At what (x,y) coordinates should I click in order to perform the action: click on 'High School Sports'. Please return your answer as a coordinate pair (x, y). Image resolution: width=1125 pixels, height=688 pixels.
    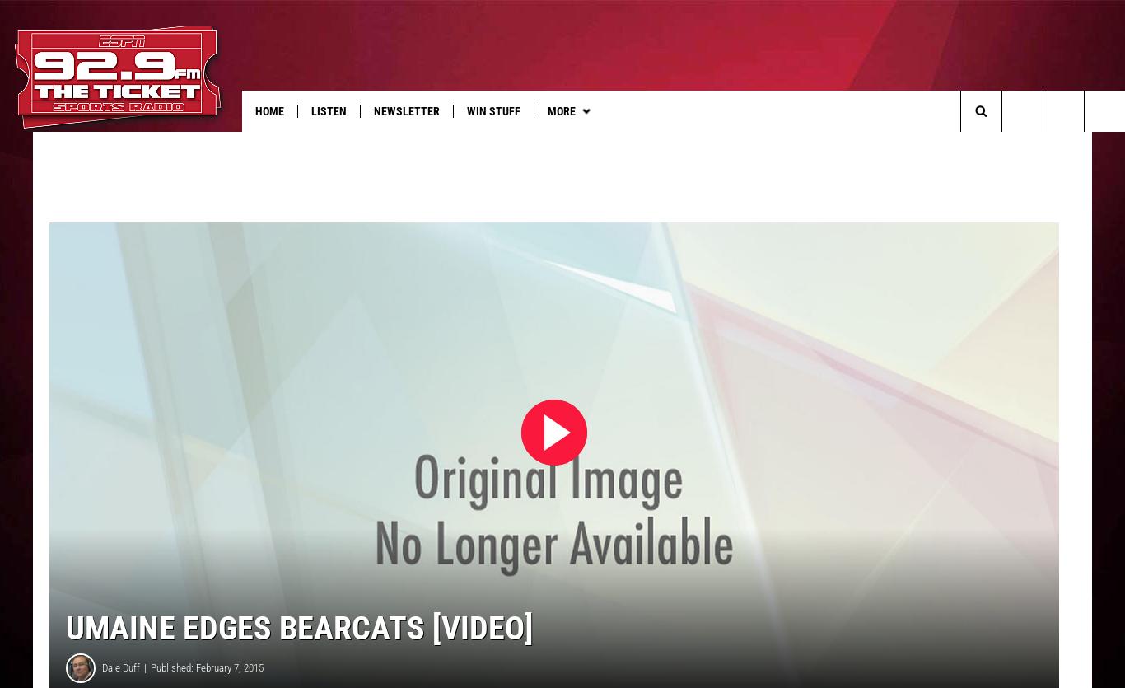
    Looking at the image, I should click on (599, 145).